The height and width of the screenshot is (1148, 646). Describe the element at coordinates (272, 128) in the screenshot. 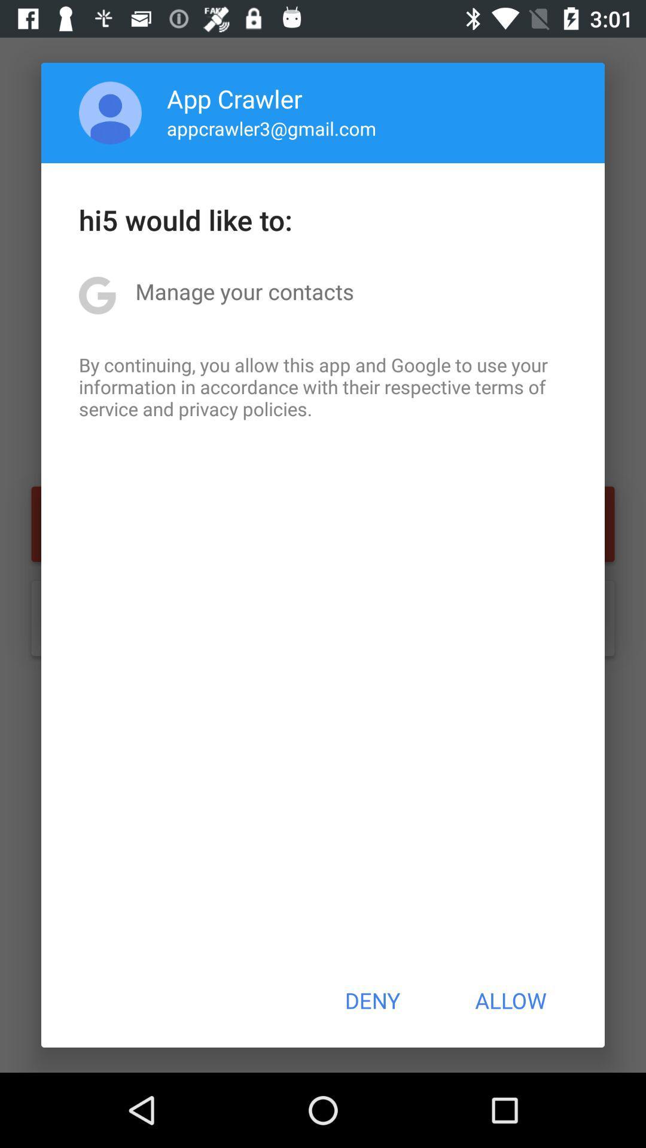

I see `appcrawler3@gmail.com icon` at that location.